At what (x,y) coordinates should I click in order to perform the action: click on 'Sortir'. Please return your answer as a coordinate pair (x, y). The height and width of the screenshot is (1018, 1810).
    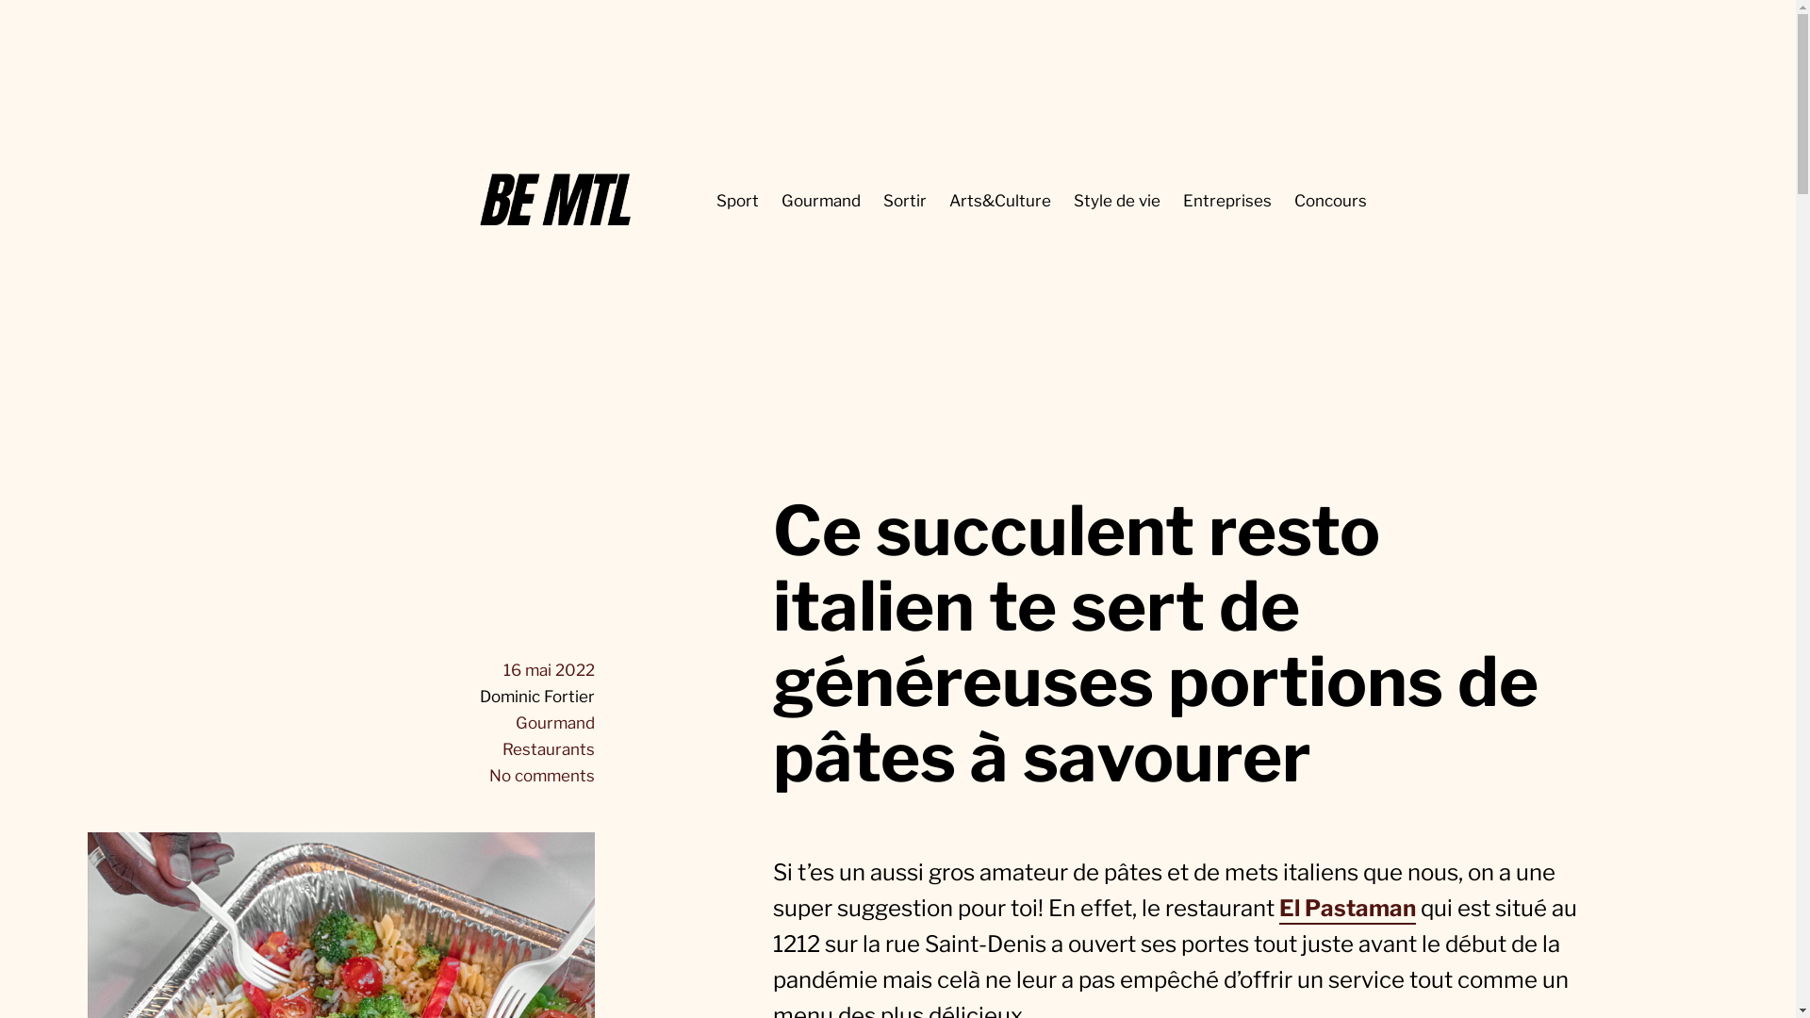
    Looking at the image, I should click on (905, 200).